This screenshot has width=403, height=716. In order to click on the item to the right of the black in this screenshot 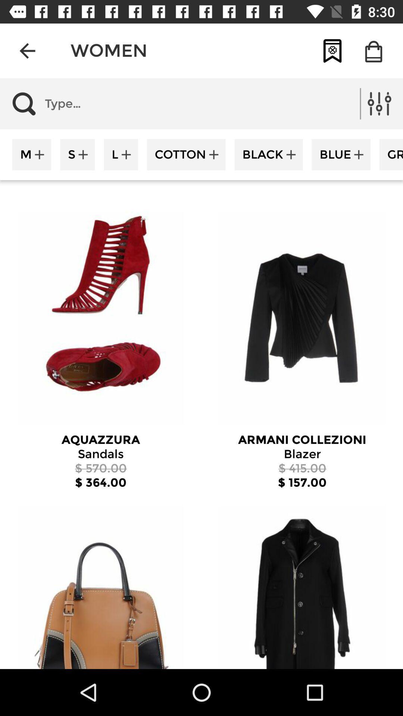, I will do `click(341, 154)`.